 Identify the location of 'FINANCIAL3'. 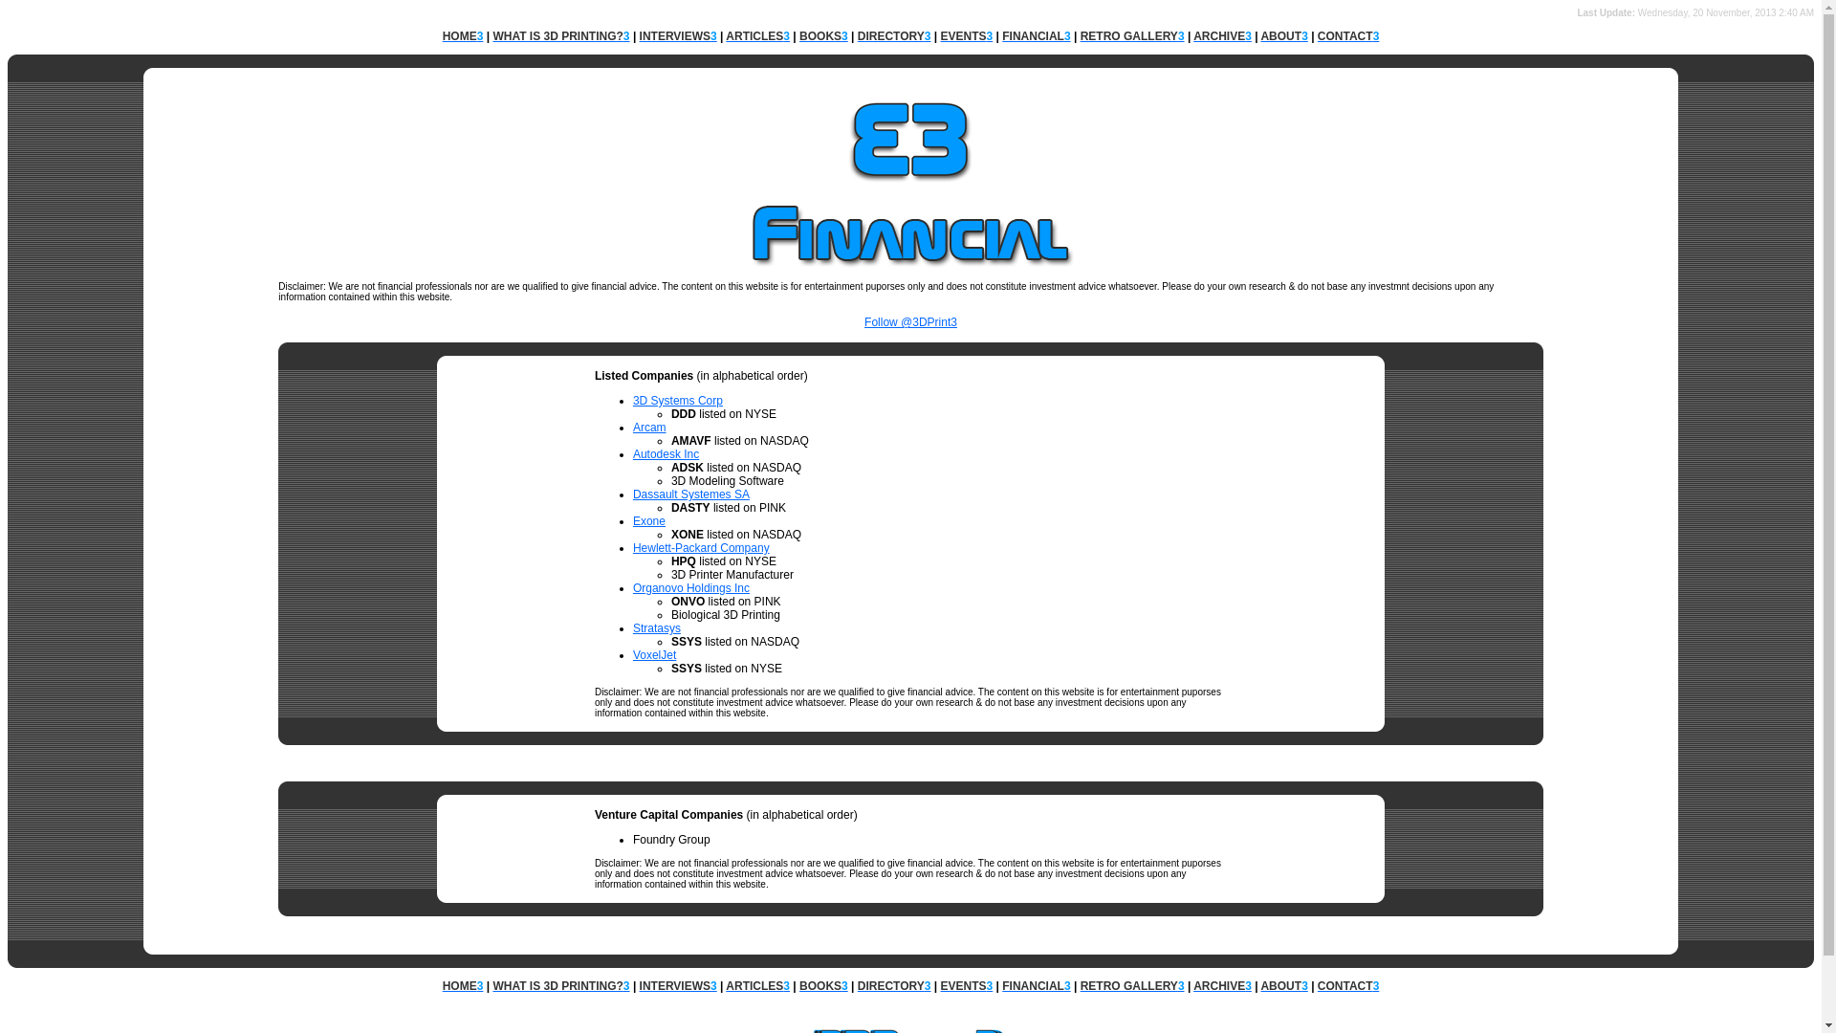
(1035, 985).